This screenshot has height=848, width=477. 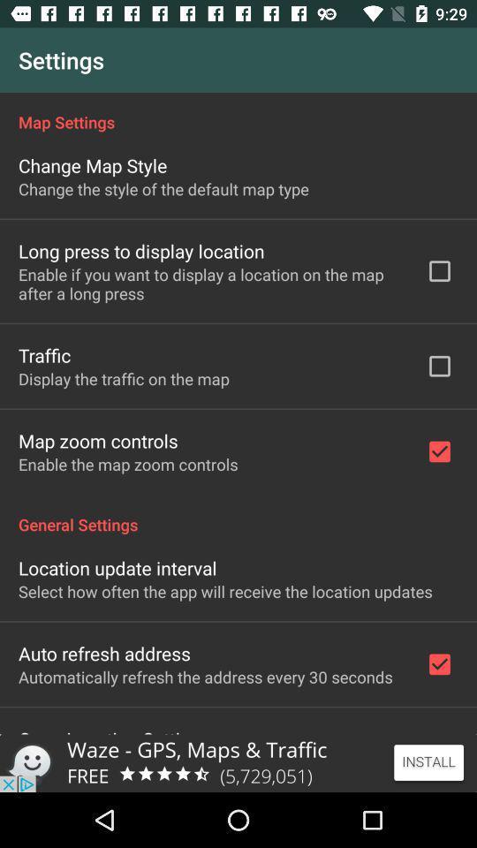 What do you see at coordinates (117, 567) in the screenshot?
I see `the icon above the select how often item` at bounding box center [117, 567].